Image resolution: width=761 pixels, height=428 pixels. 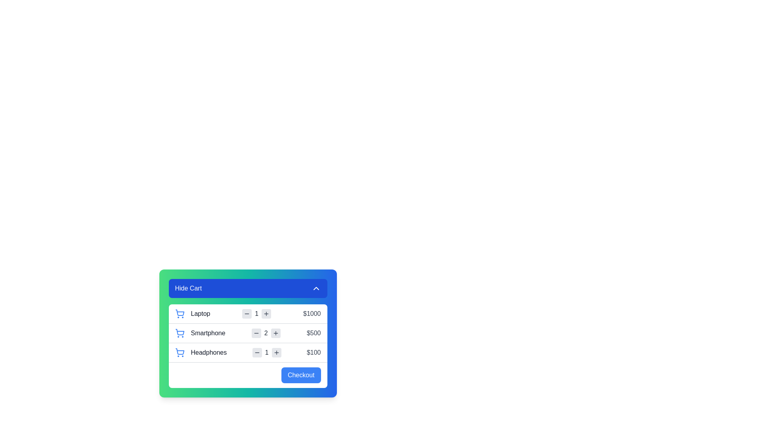 I want to click on the shopping cart icon associated with the text 'Smartphone' to interact with it, so click(x=179, y=333).